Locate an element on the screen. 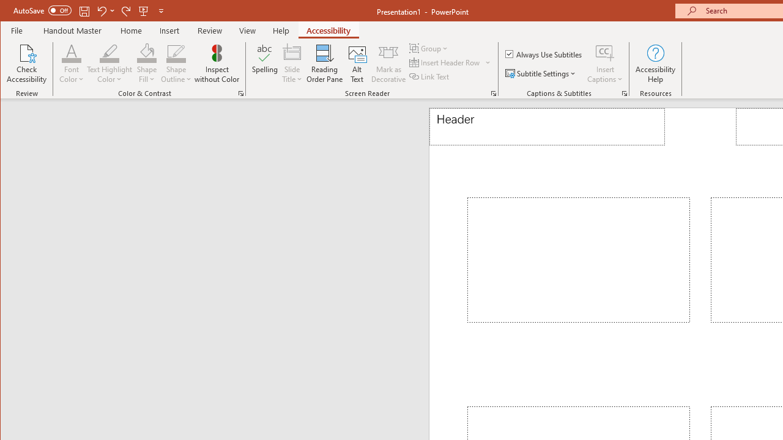 Image resolution: width=783 pixels, height=440 pixels. 'Header' is located at coordinates (546, 127).